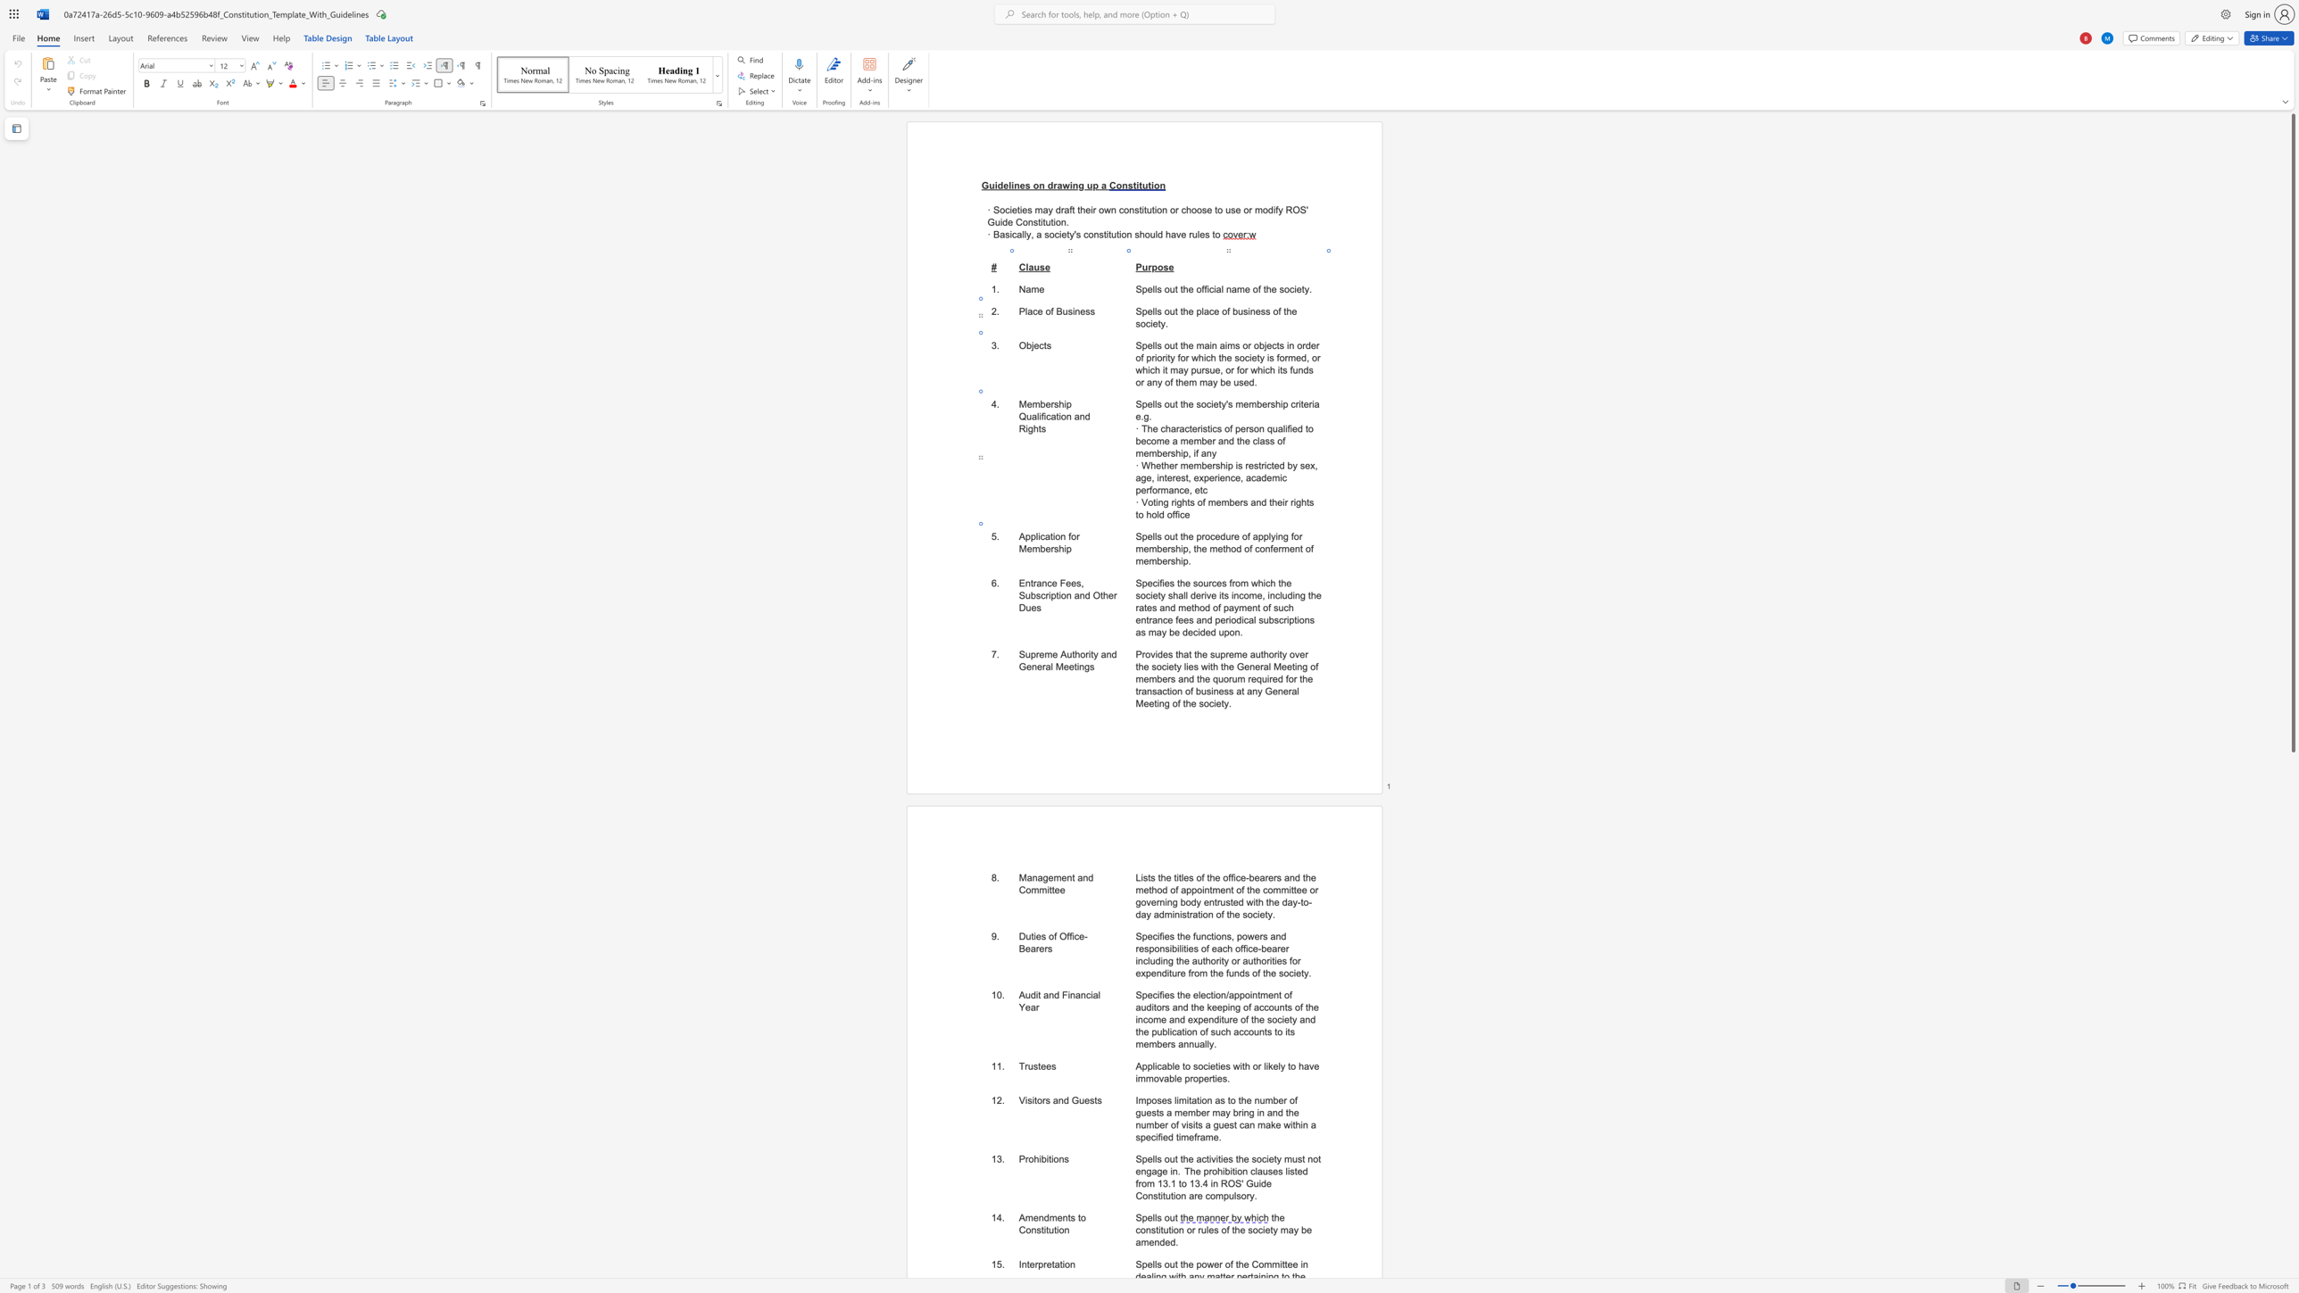 This screenshot has width=2299, height=1293. Describe the element at coordinates (1033, 535) in the screenshot. I see `the 2th character "p" in the text` at that location.